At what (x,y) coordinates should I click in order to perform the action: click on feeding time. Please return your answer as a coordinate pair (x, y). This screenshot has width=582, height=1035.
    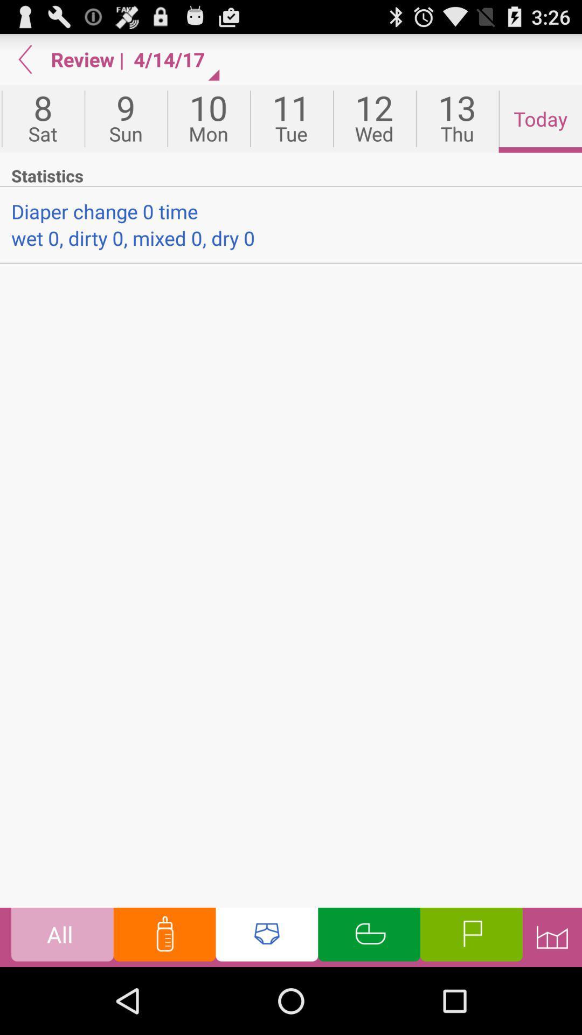
    Looking at the image, I should click on (164, 936).